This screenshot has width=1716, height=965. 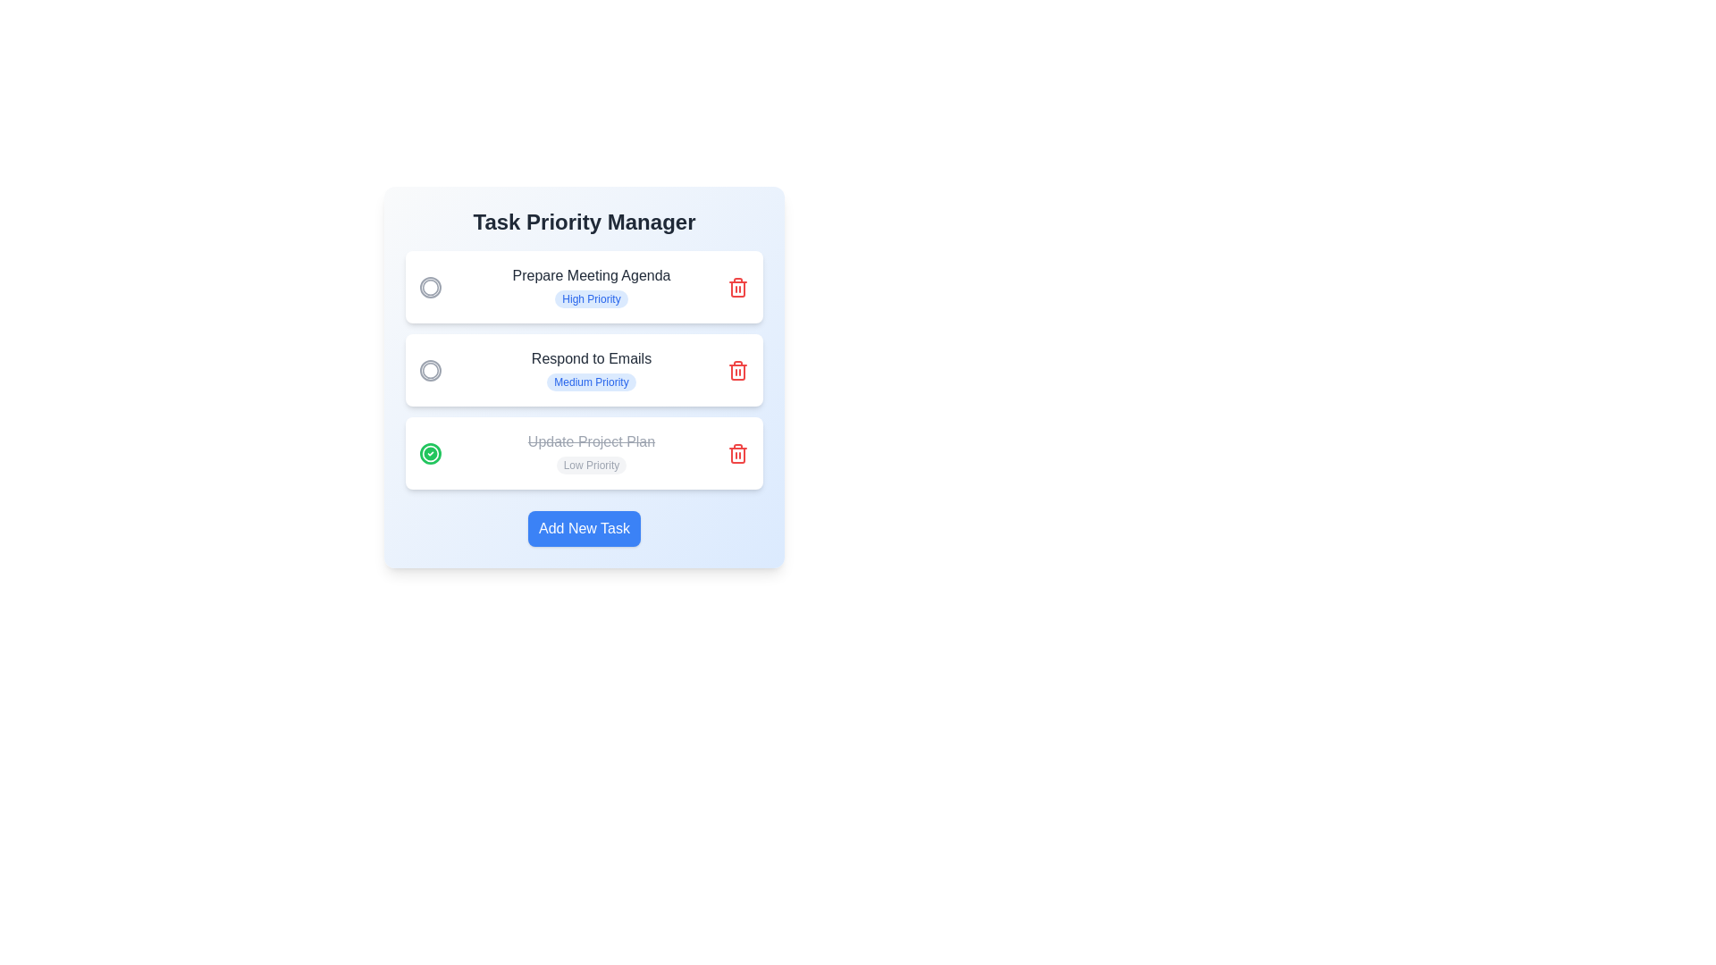 I want to click on the 'Medium Priority' label, which is a rectangular badge with rounded edges, light blue background, and blue text located beneath the 'Respond to Emails' text, so click(x=592, y=382).